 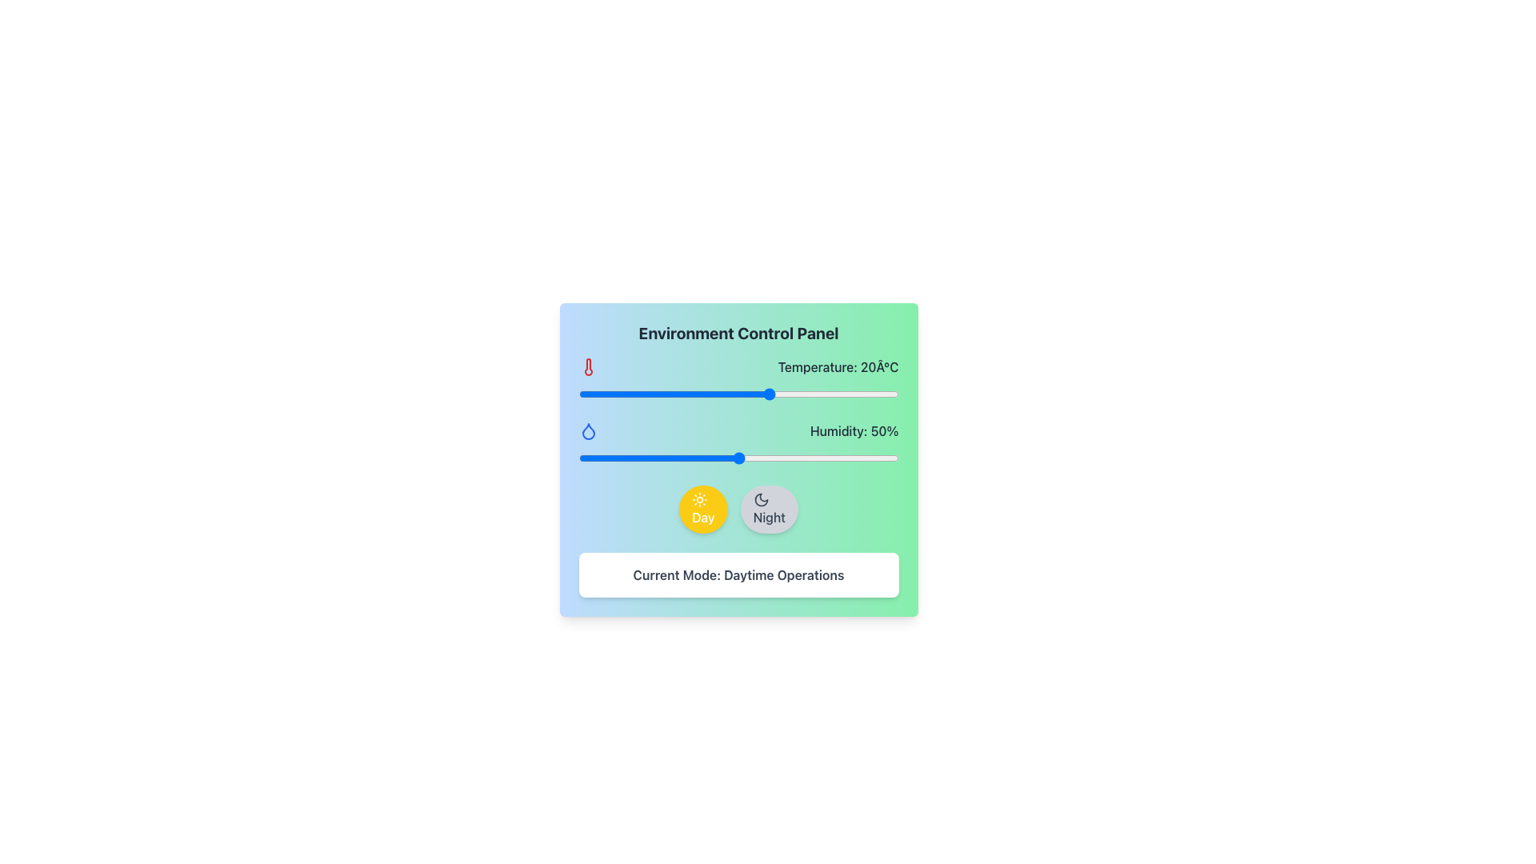 What do you see at coordinates (769, 509) in the screenshot?
I see `the rounded rectangular button labeled 'Night' with a moon icon` at bounding box center [769, 509].